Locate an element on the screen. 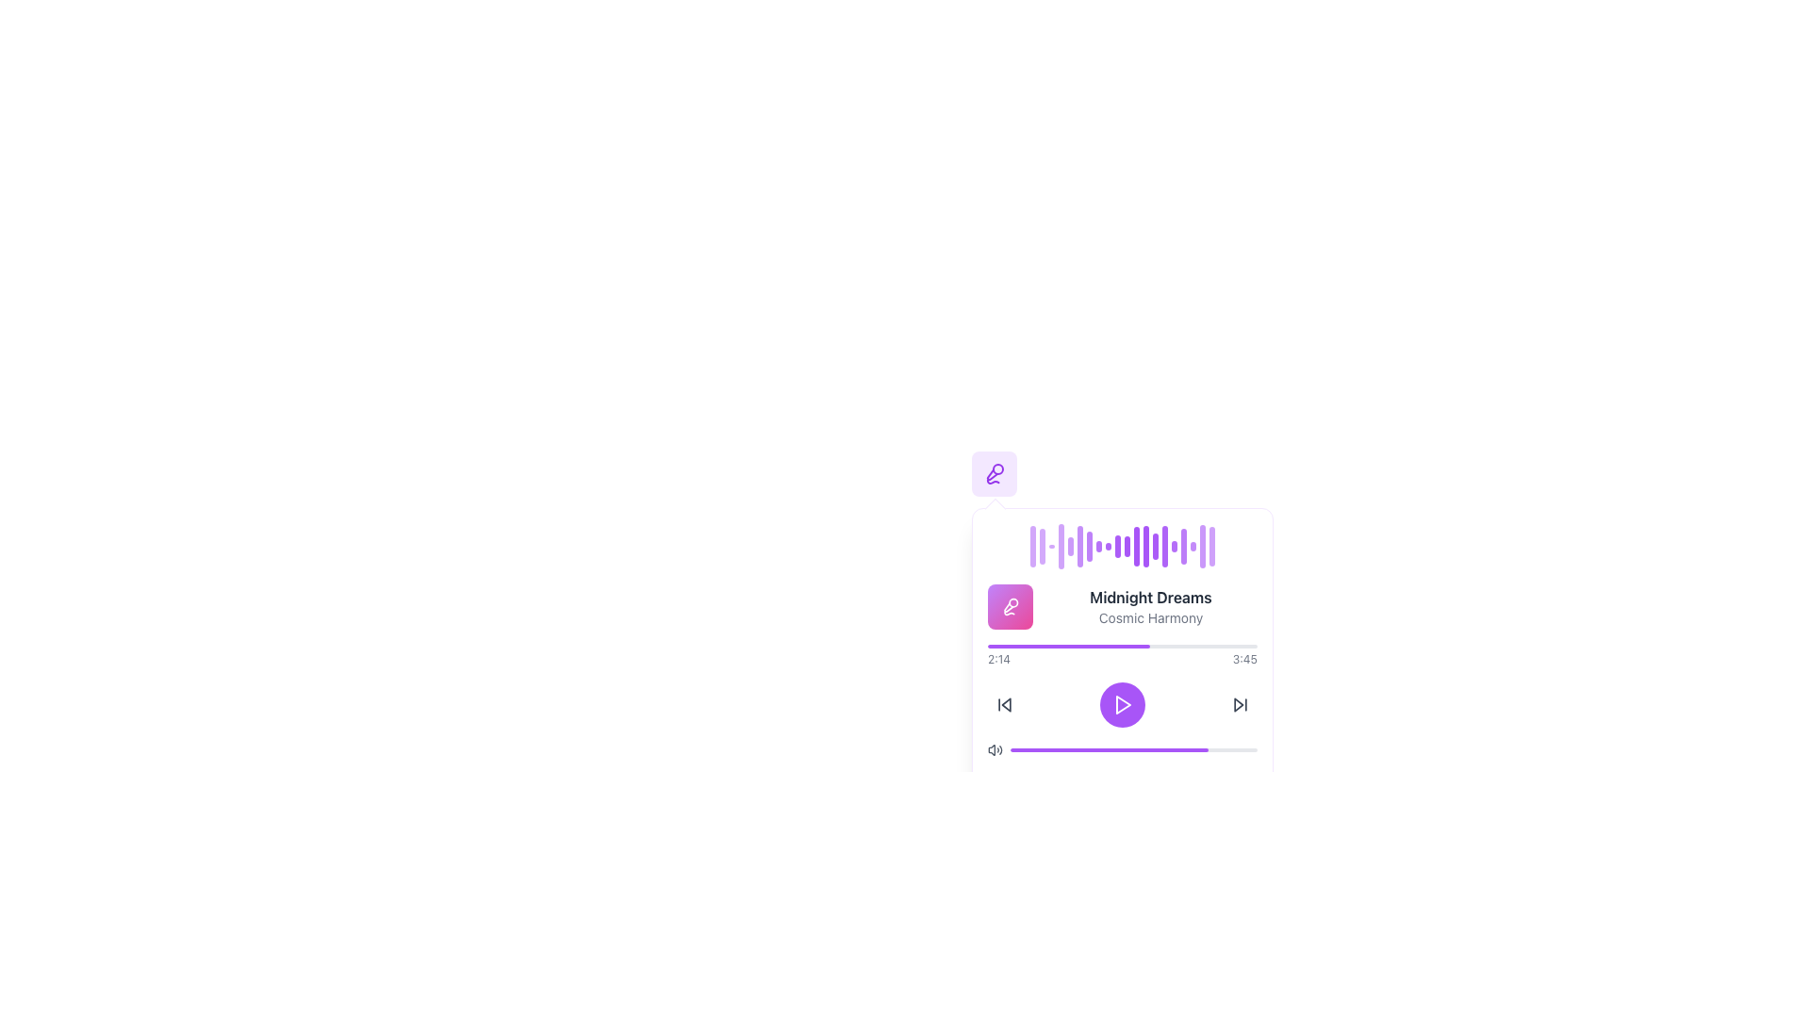  the Progress Bar to move to a specific time in the media playback is located at coordinates (1122, 654).